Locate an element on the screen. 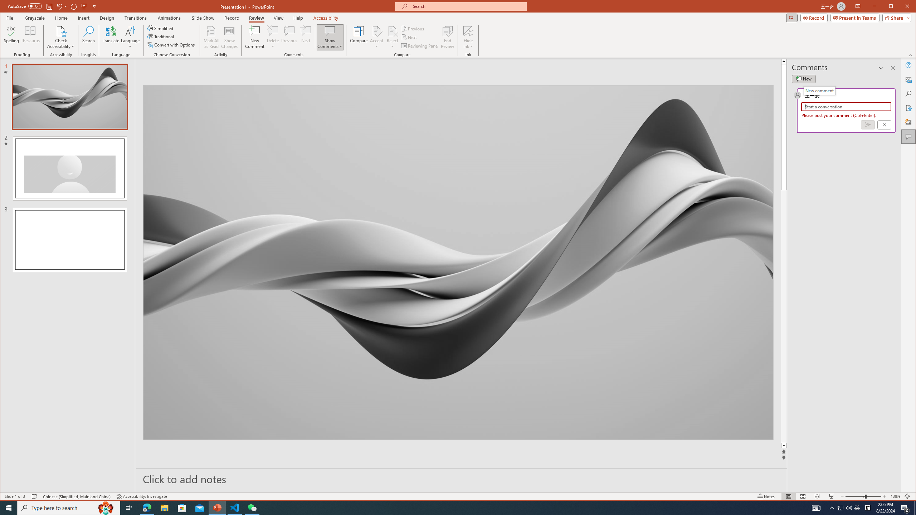  'Check Accessibility' is located at coordinates (61, 30).